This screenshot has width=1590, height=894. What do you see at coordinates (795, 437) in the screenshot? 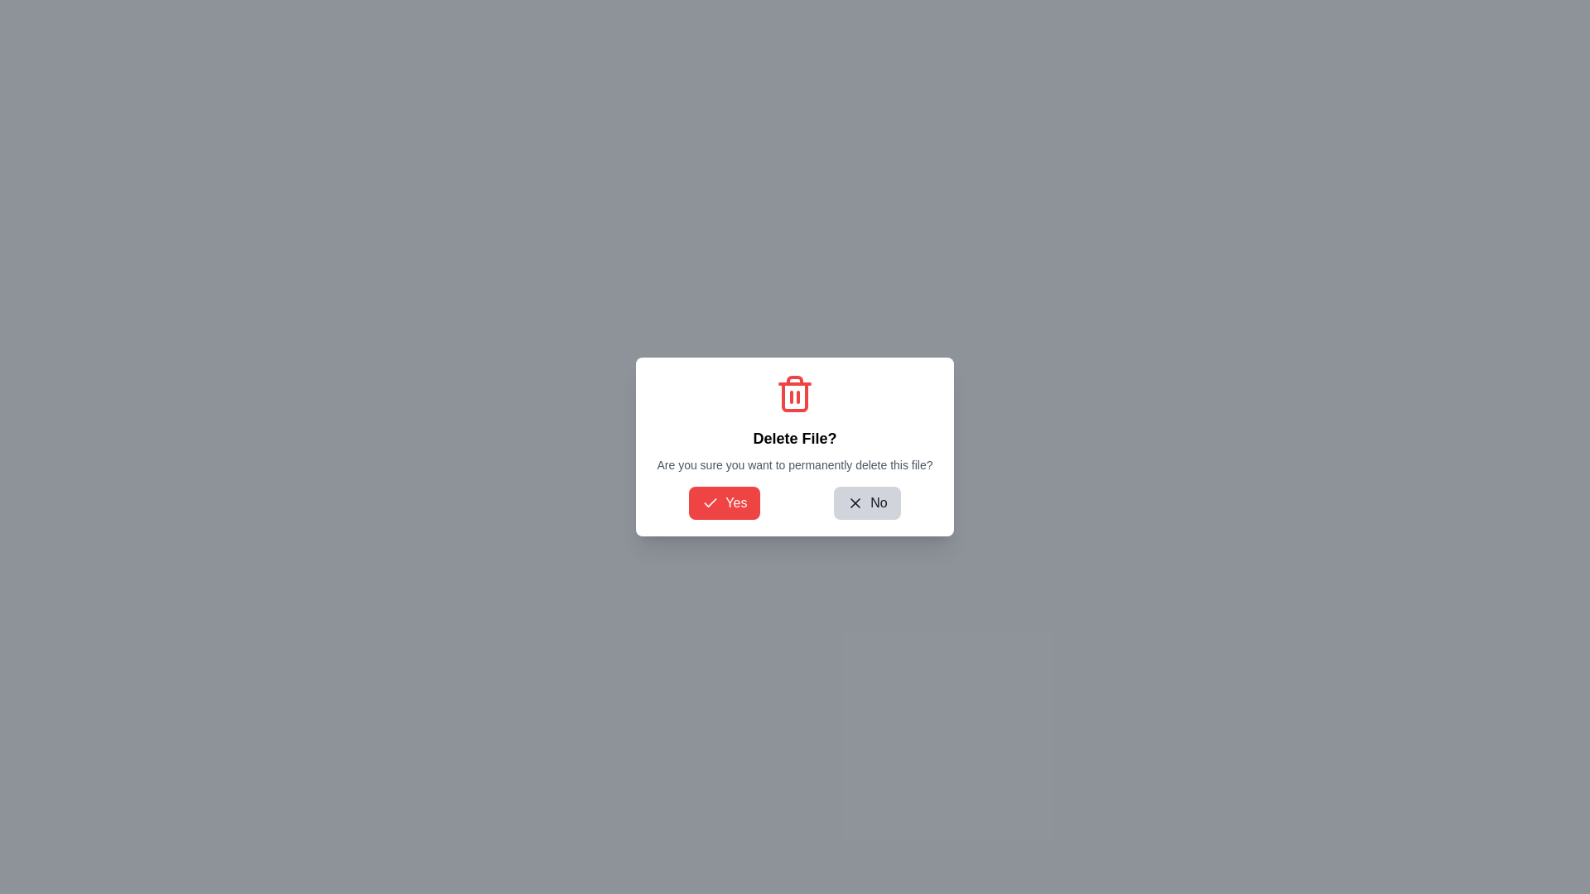
I see `text content of the Text Label indicating the confirmation of file deletion, which is positioned below the trash can icon and above the prompt about permanently deleting the file` at bounding box center [795, 437].